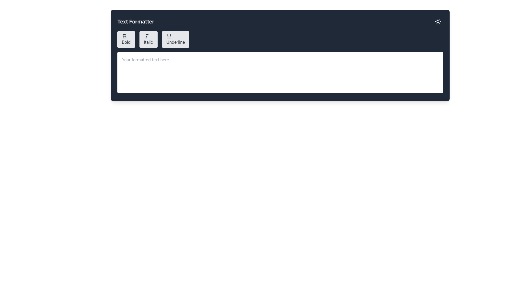 The image size is (512, 288). I want to click on the Underline icon in the Text Formatter toolbar, so click(169, 36).